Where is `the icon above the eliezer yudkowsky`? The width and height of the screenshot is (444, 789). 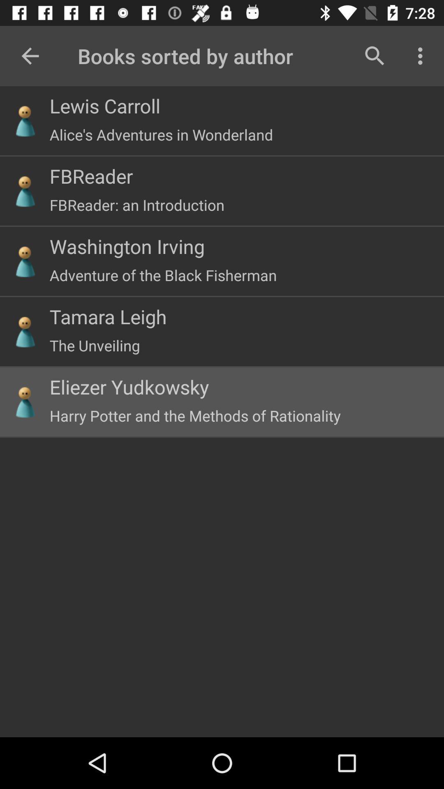 the icon above the eliezer yudkowsky is located at coordinates (94, 345).